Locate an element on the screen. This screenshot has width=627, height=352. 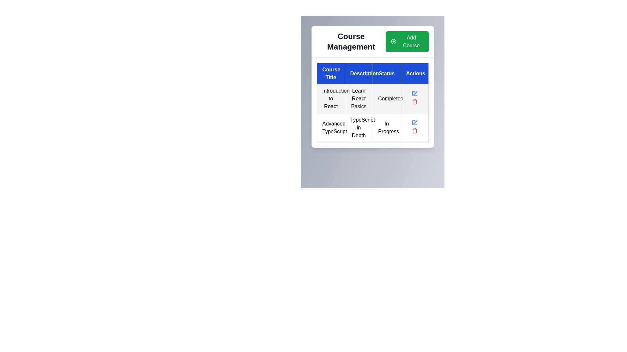
static text label displaying 'Completed' located in the 'Status' column under the 'Introduction to React' course row is located at coordinates (387, 99).